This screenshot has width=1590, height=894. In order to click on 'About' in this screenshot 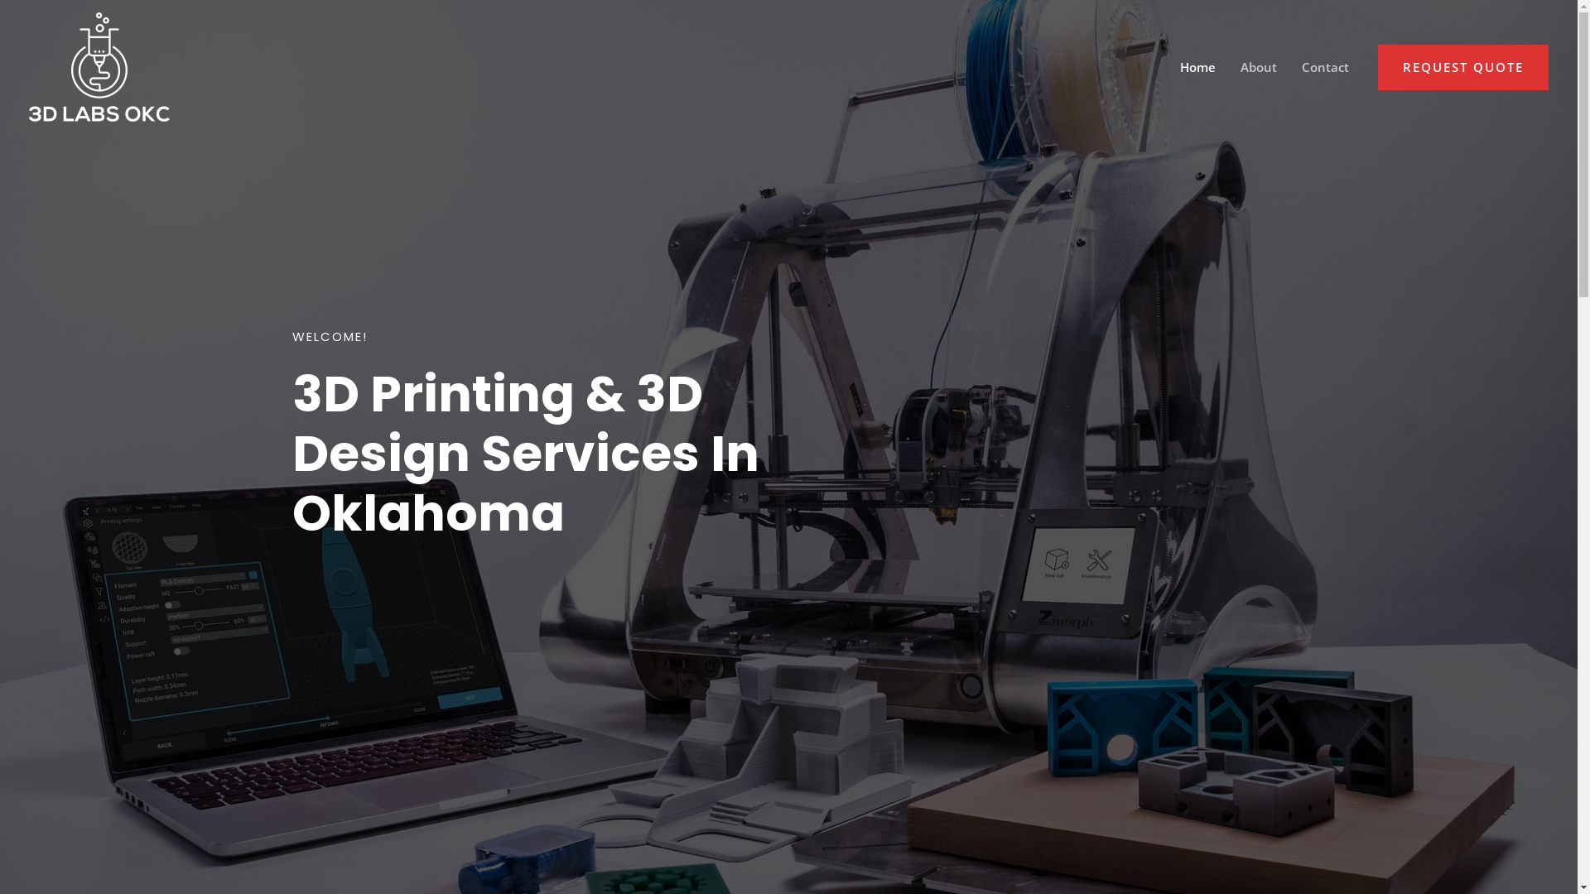, I will do `click(1259, 66)`.